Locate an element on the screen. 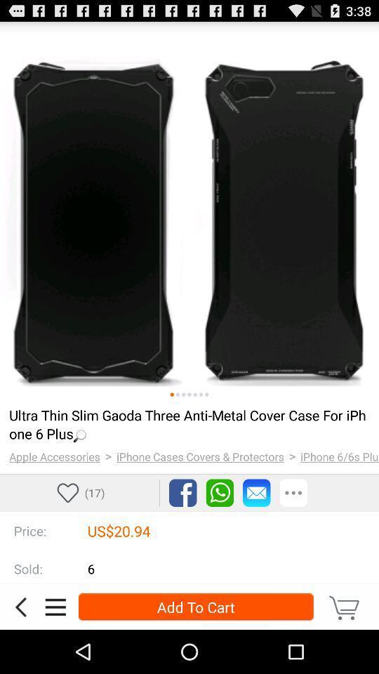 This screenshot has height=674, width=379. item to the left of the > app is located at coordinates (53, 456).